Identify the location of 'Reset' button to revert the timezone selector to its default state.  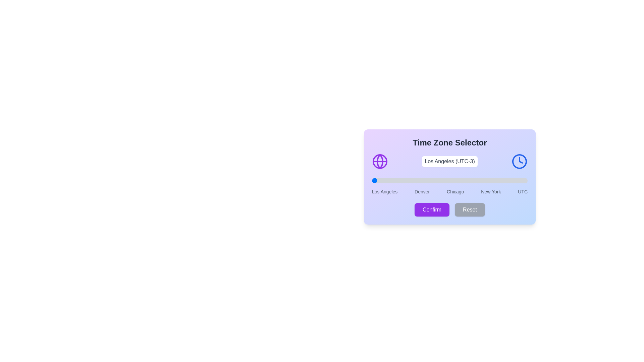
(470, 209).